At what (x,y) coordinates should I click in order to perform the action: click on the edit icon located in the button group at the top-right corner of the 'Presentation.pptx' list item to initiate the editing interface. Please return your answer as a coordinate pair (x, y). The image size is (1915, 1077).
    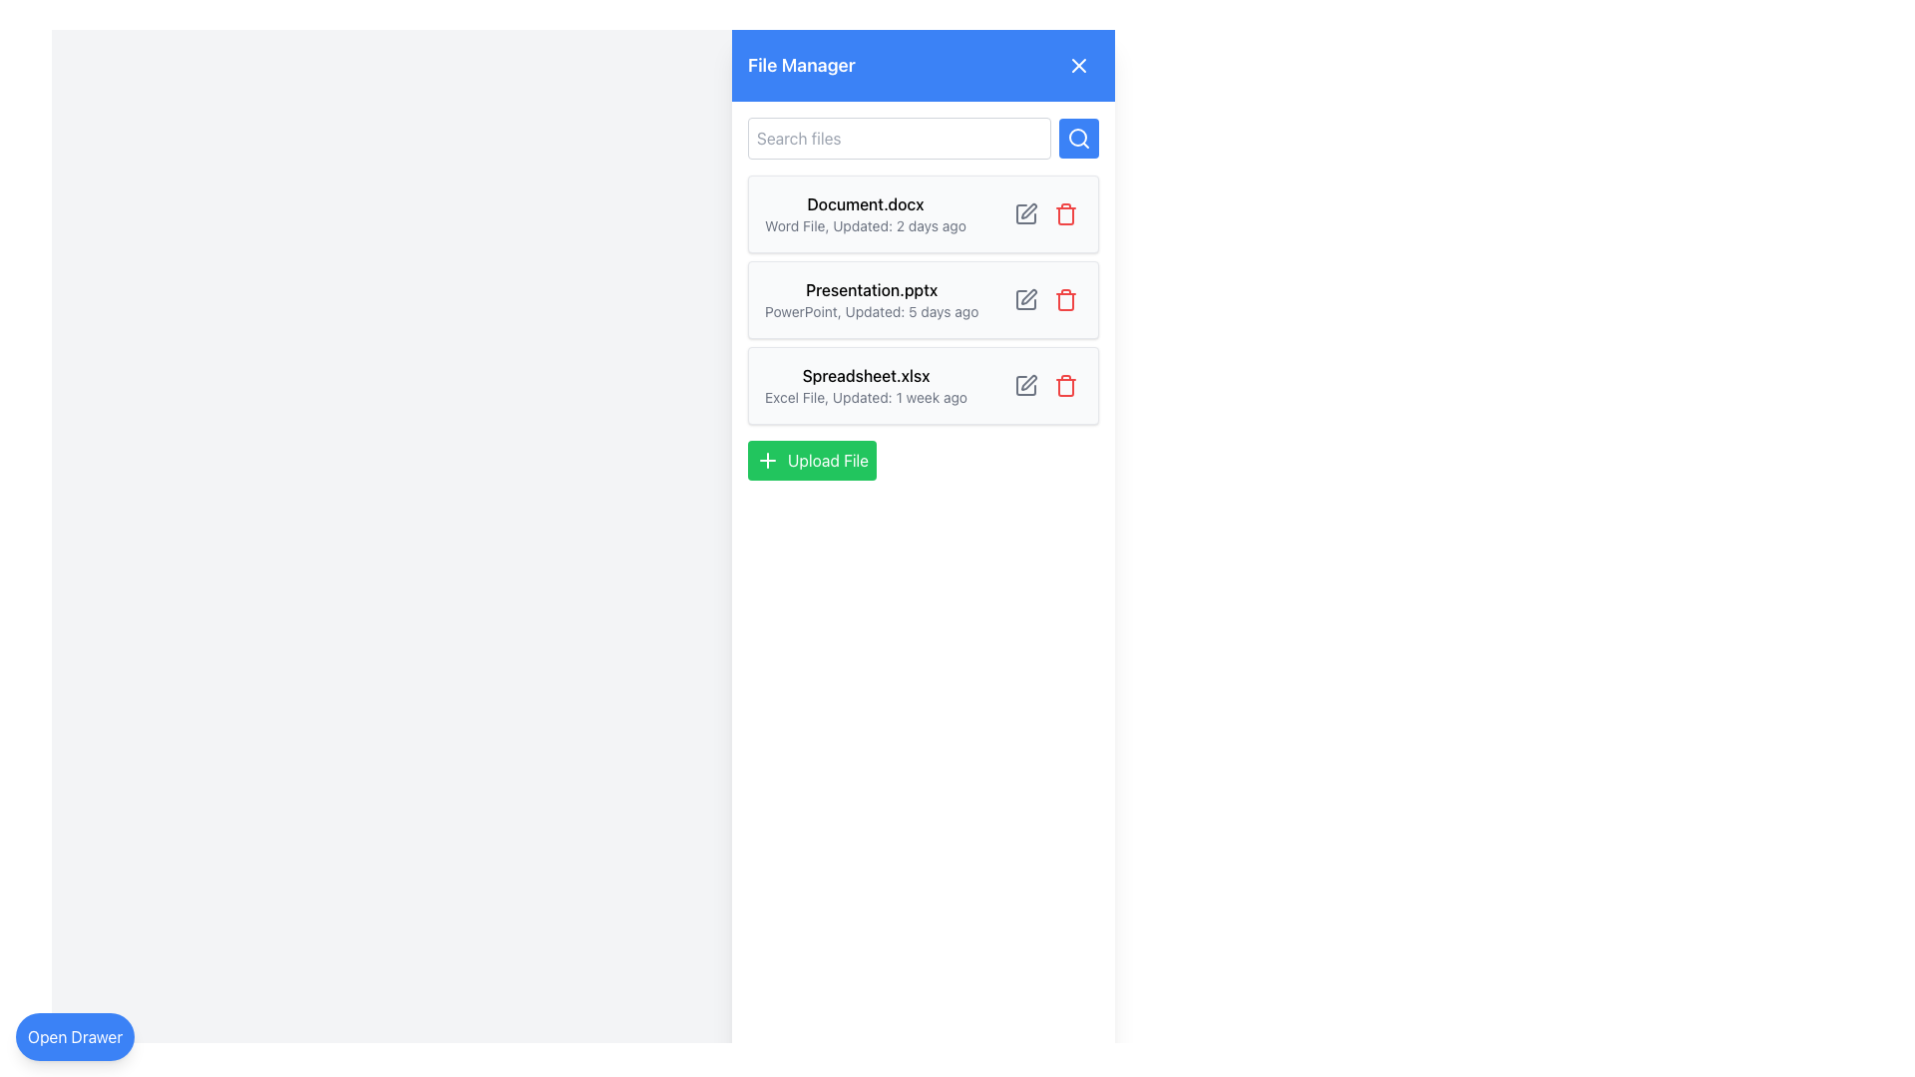
    Looking at the image, I should click on (1045, 299).